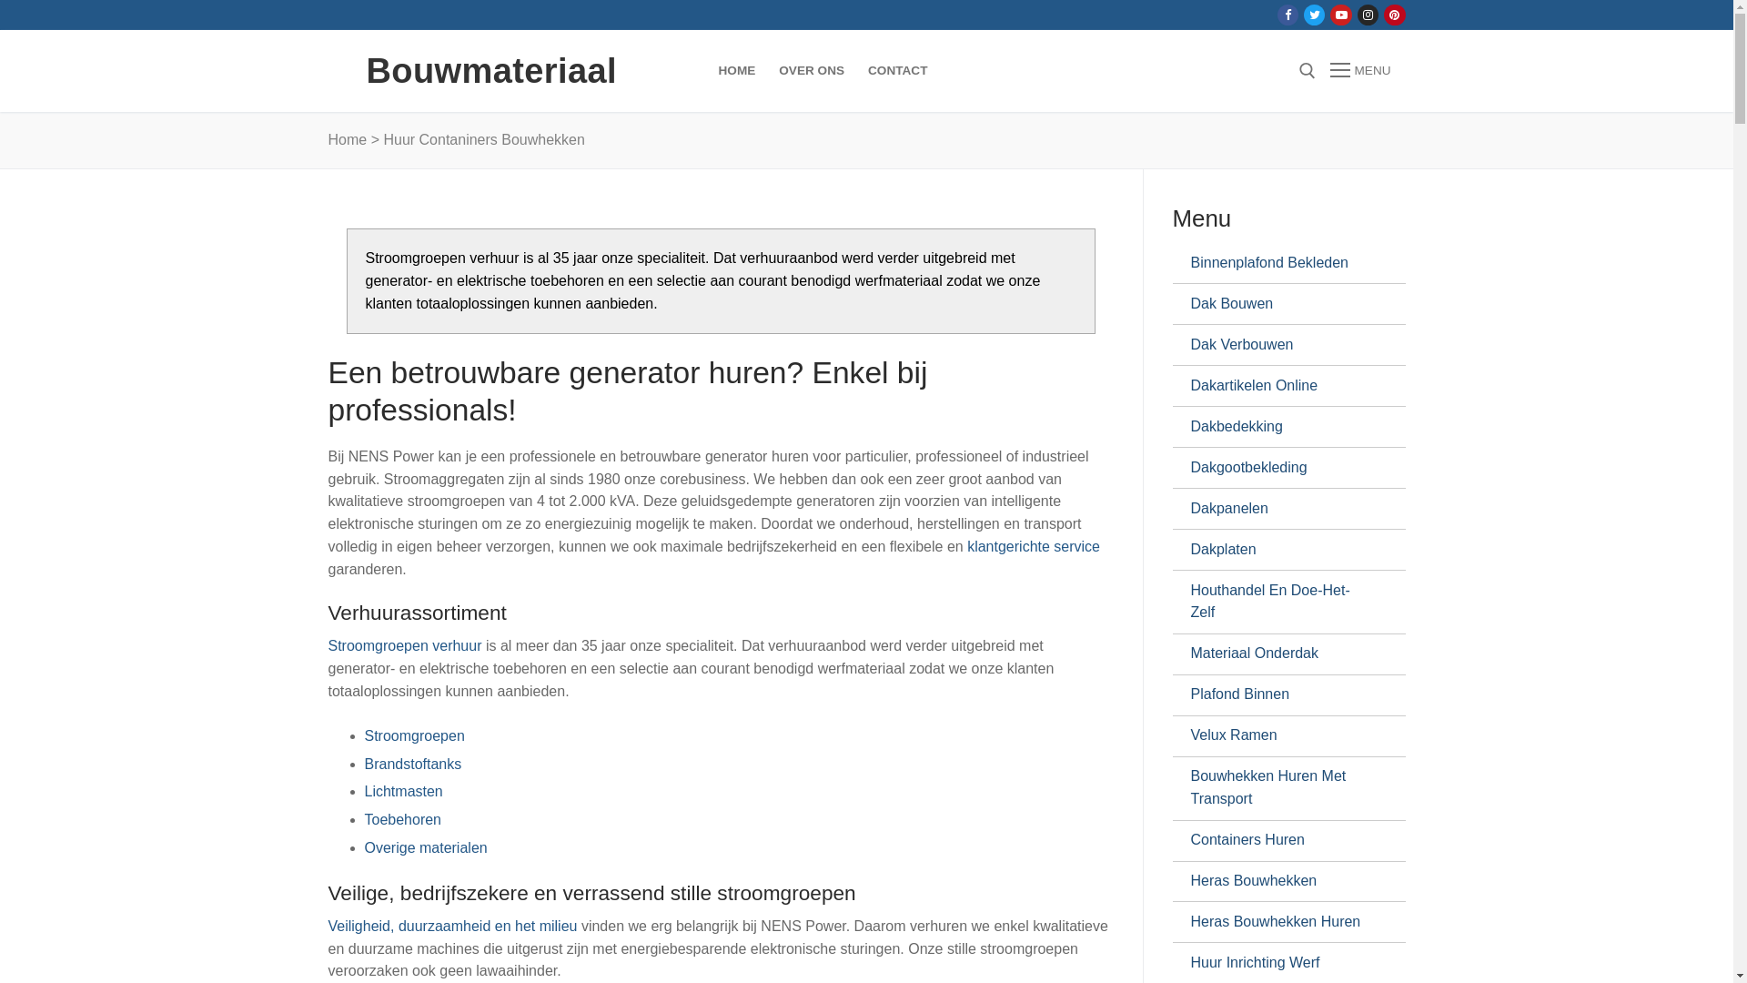  Describe the element at coordinates (413, 735) in the screenshot. I see `'Stroomgroepen'` at that location.